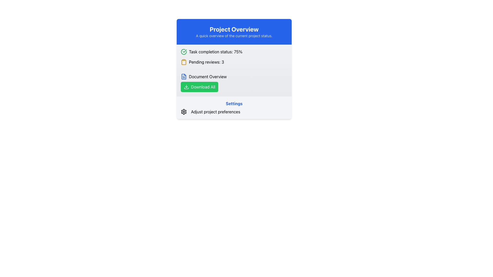 Image resolution: width=493 pixels, height=277 pixels. What do you see at coordinates (184, 52) in the screenshot?
I see `the completion status icon located to the left of the text 'Task completion status: 75%'` at bounding box center [184, 52].